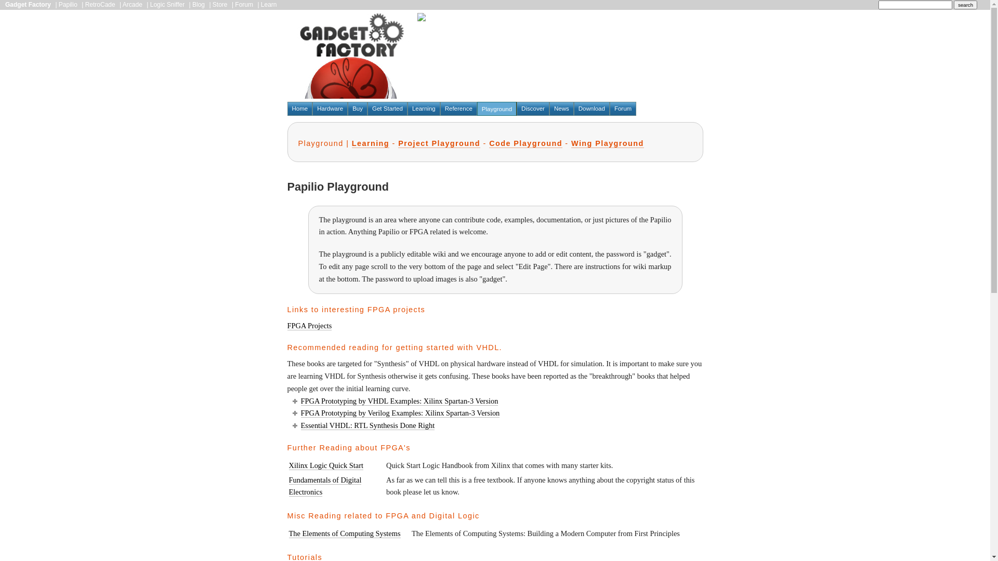 This screenshot has height=561, width=998. I want to click on 'Gadget Factory', so click(28, 4).